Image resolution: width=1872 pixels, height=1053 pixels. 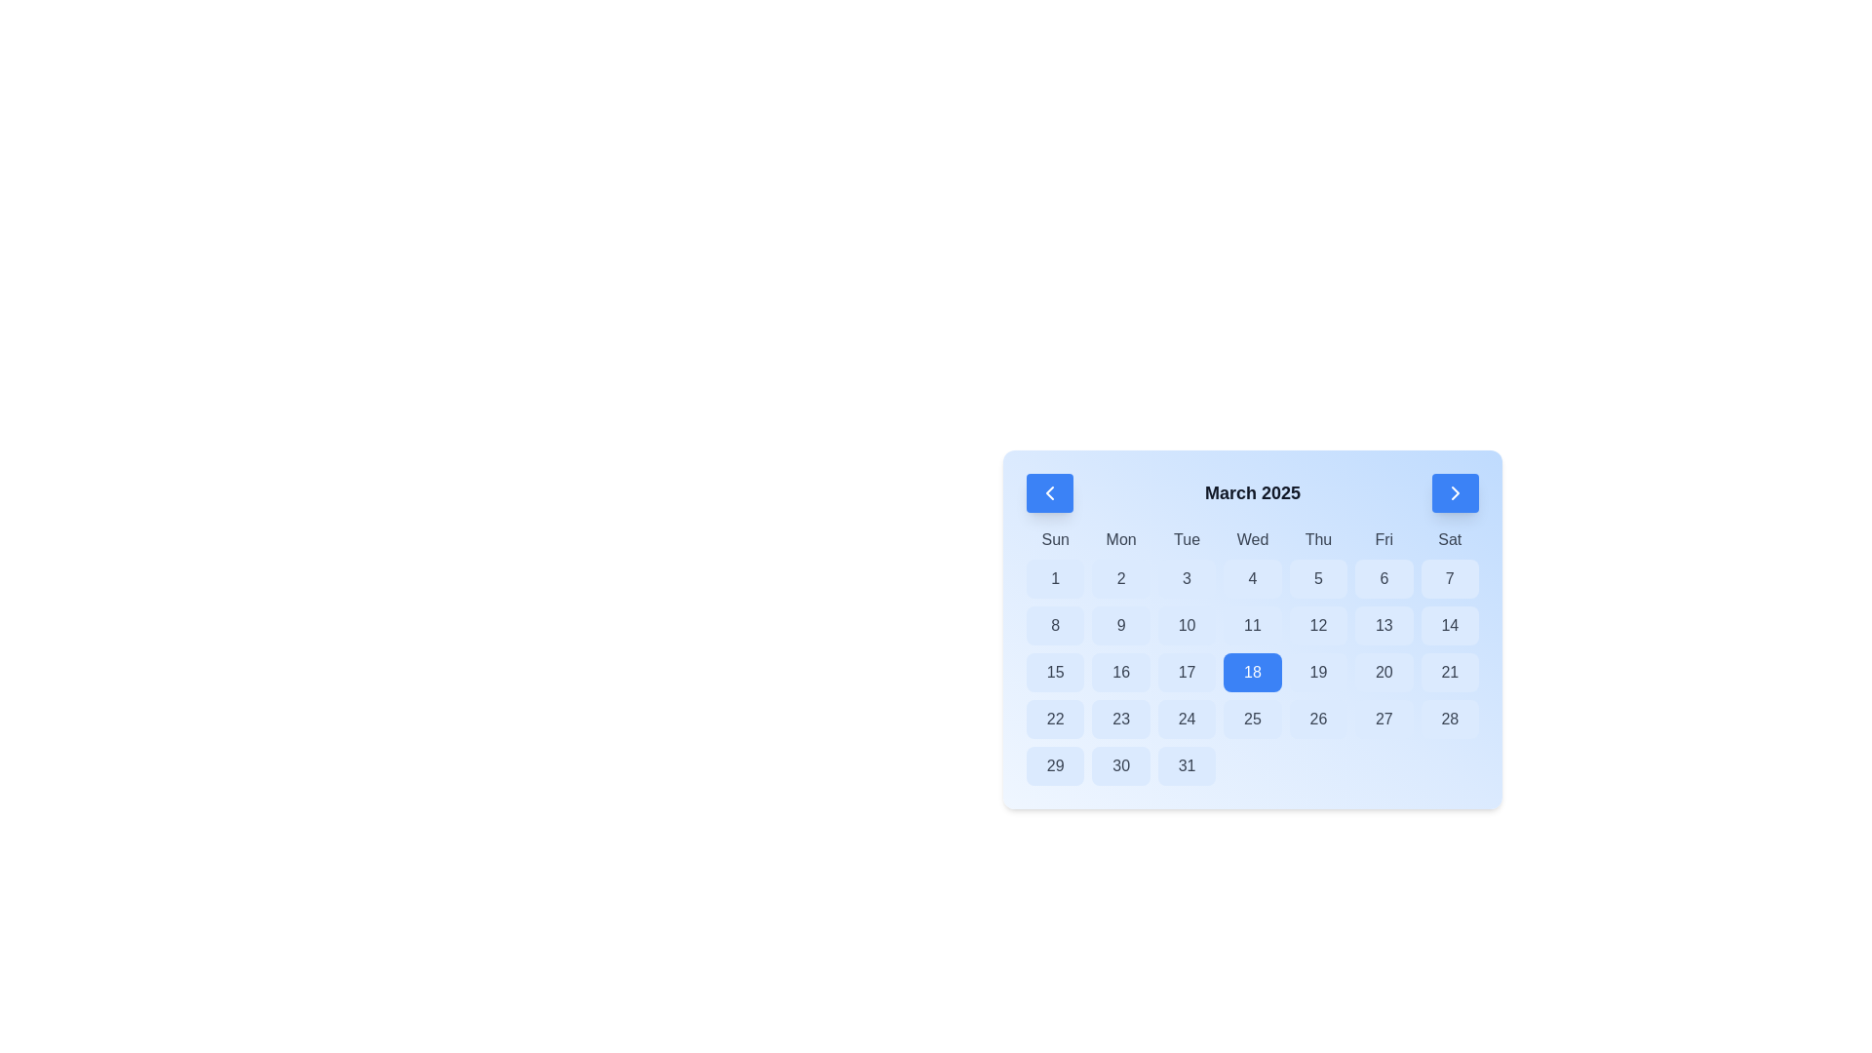 I want to click on the leftward-pointing chevron-shaped icon in the top-left corner of the calendar interface, so click(x=1048, y=491).